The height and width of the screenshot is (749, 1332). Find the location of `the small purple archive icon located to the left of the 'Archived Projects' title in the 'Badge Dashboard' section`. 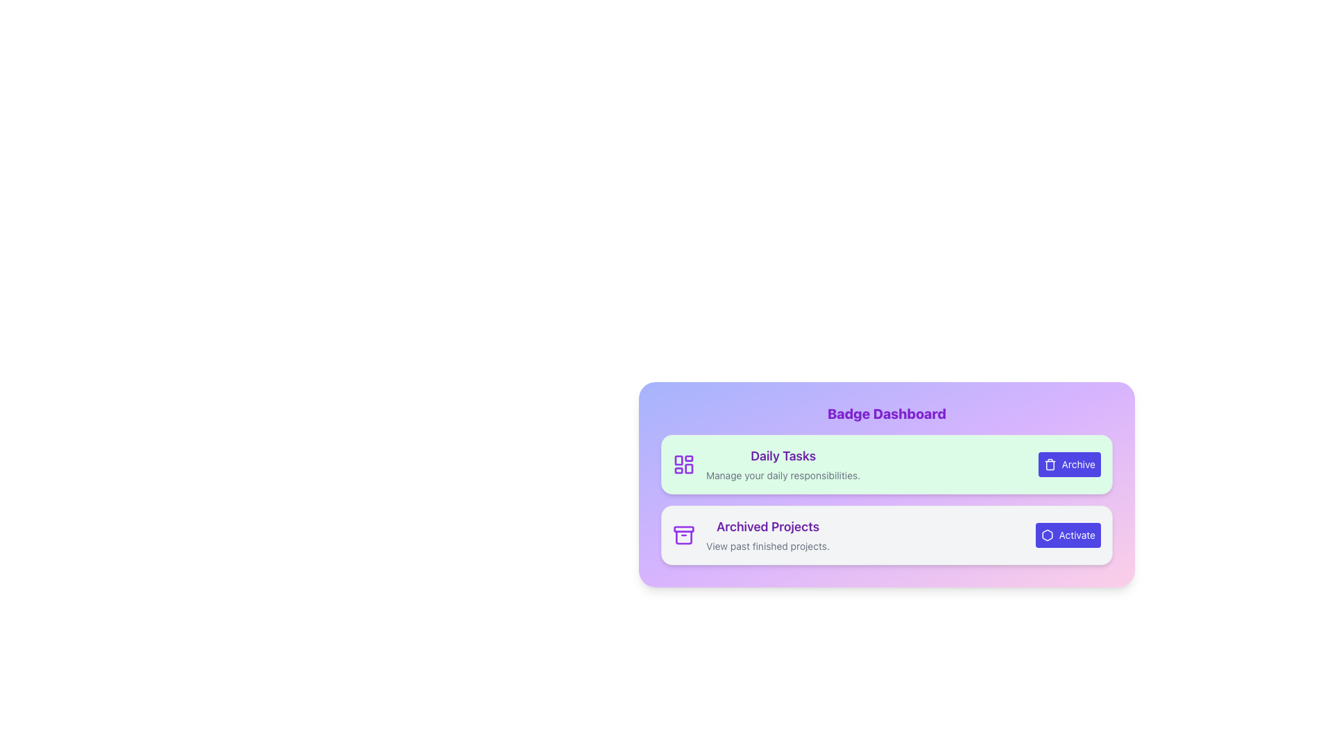

the small purple archive icon located to the left of the 'Archived Projects' title in the 'Badge Dashboard' section is located at coordinates (683, 534).